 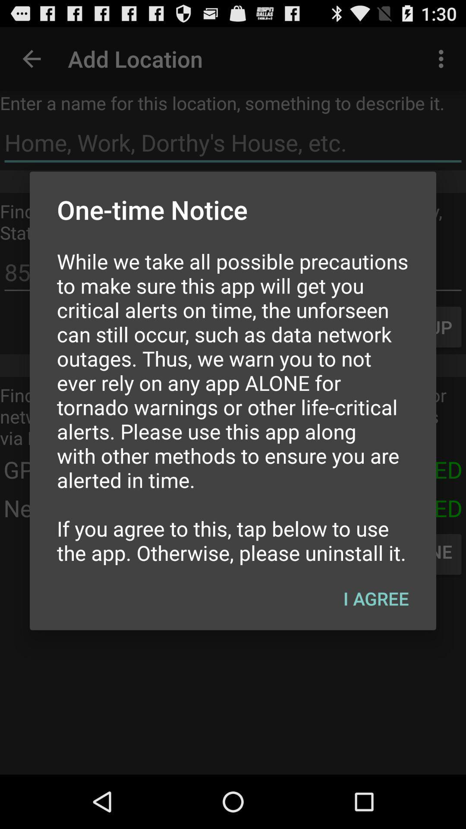 I want to click on the icon below while we take icon, so click(x=375, y=598).